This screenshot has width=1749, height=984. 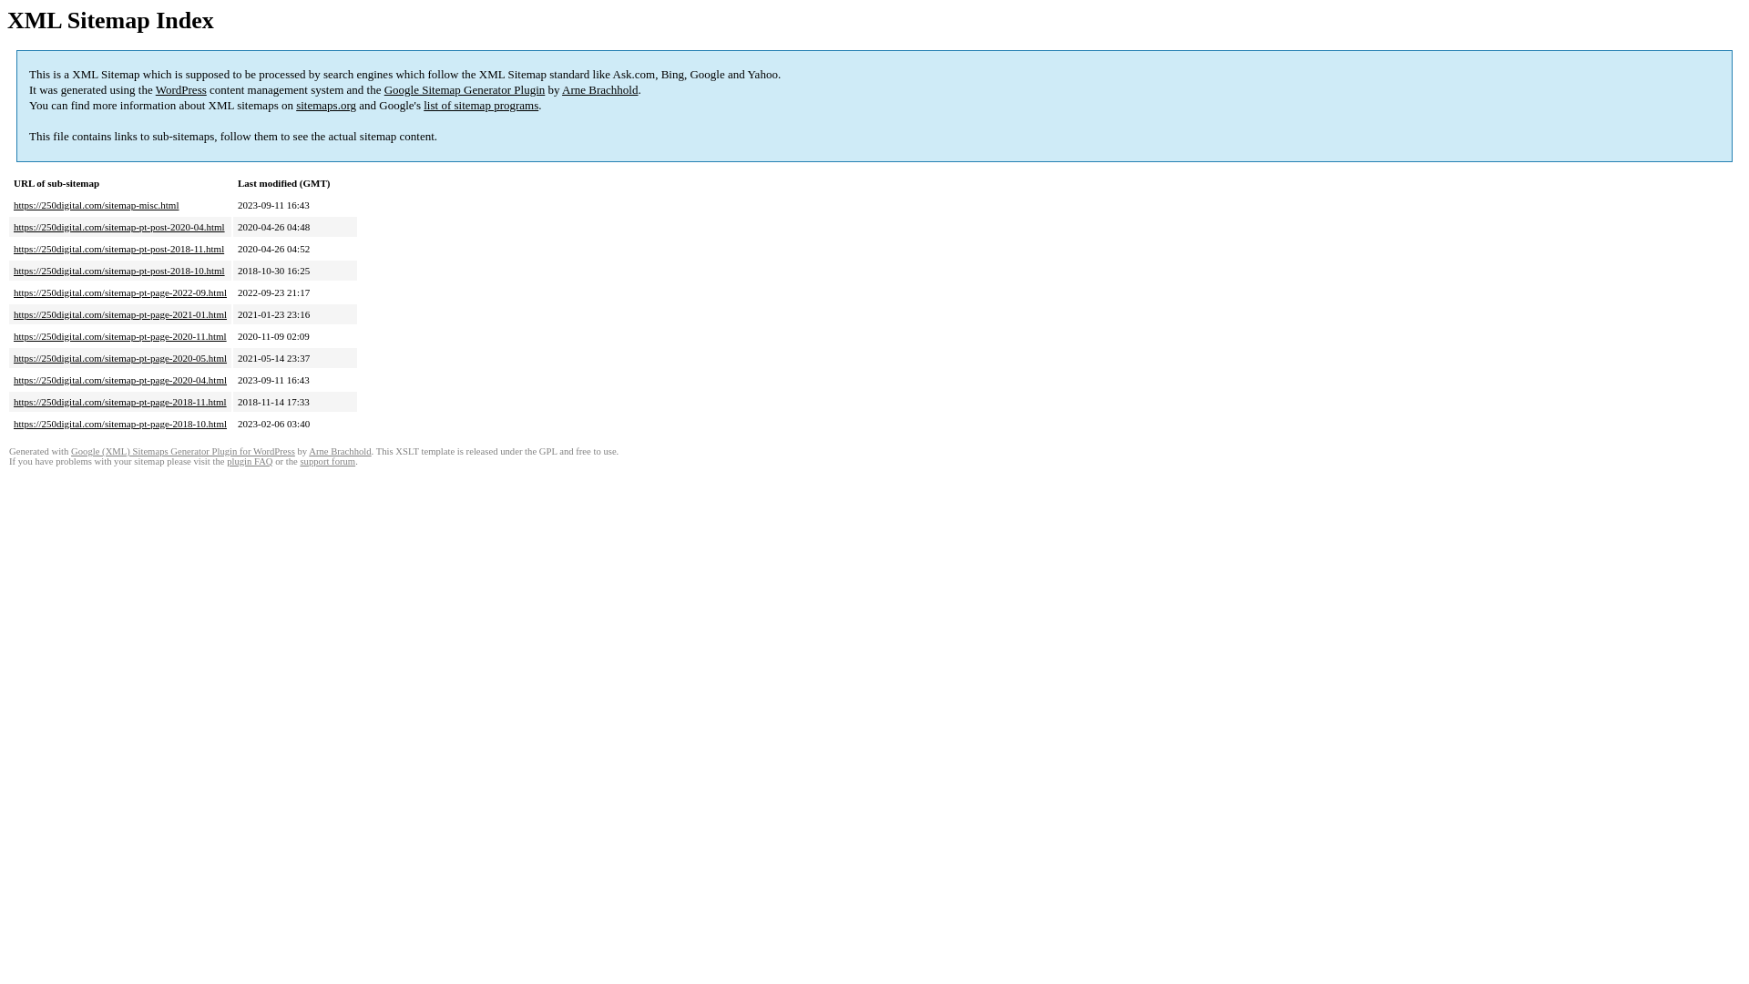 I want to click on 'https://250digital.com/sitemap-misc.html', so click(x=95, y=204).